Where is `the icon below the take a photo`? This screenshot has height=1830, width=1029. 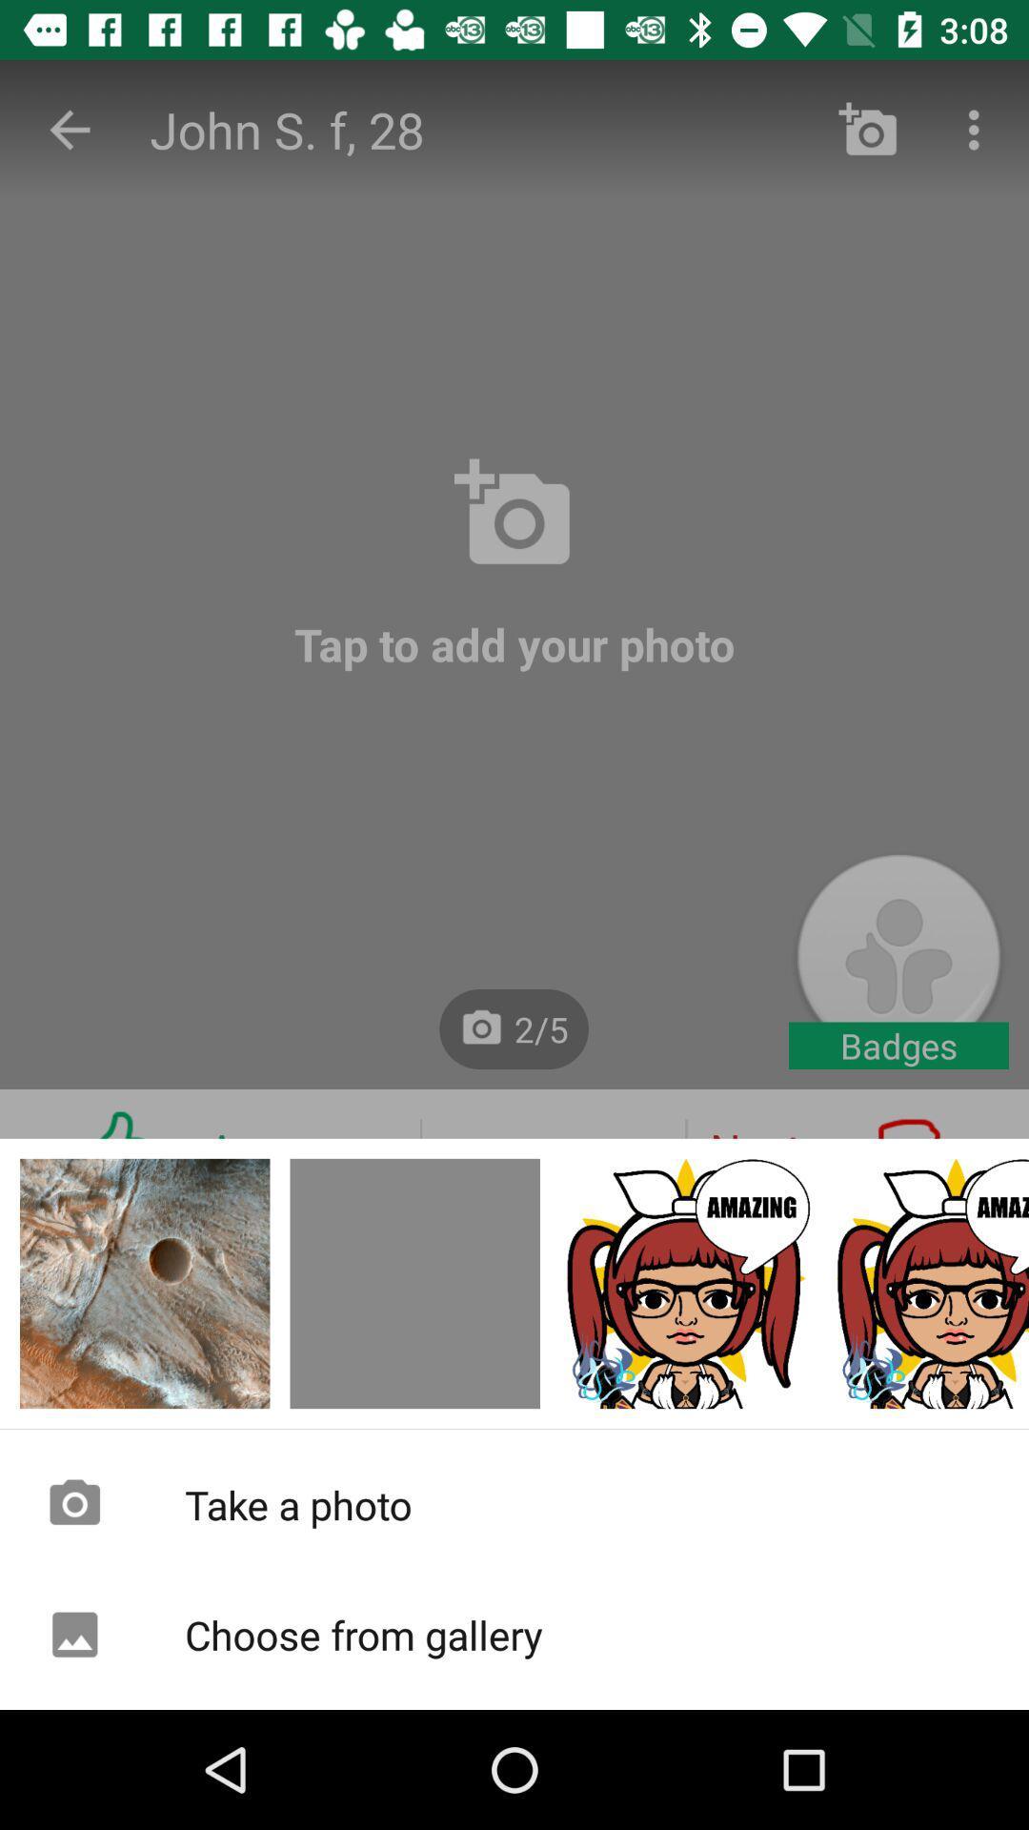
the icon below the take a photo is located at coordinates (514, 1634).